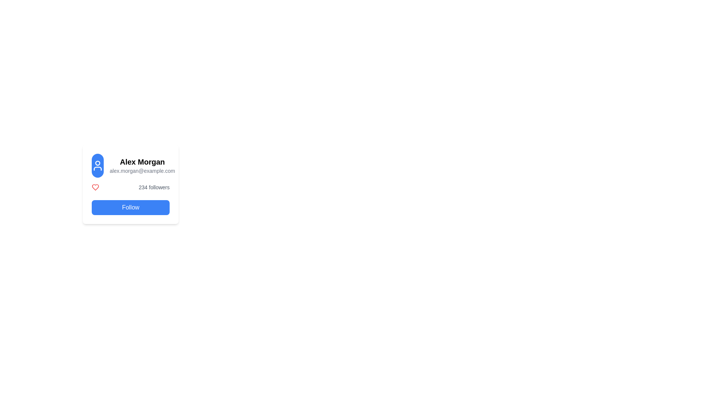 The image size is (719, 404). Describe the element at coordinates (97, 165) in the screenshot. I see `the user profile icon, which is a minimalist silhouette with a white stroke on a blue circular background, located at the top-left of the profile card` at that location.